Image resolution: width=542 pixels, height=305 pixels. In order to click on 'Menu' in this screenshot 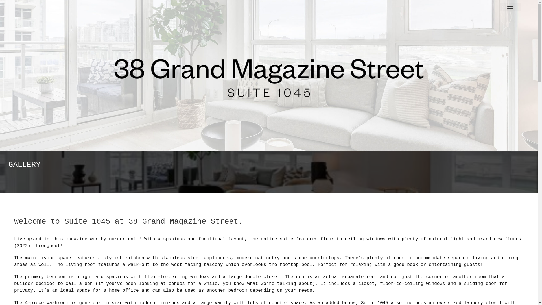, I will do `click(510, 7)`.